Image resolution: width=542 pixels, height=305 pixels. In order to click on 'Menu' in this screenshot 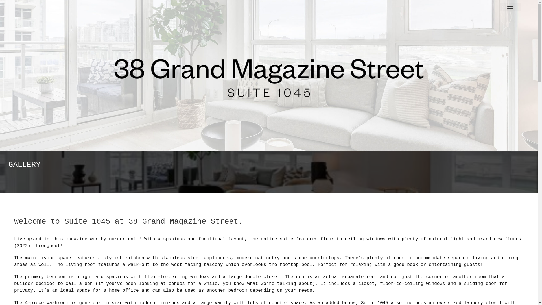, I will do `click(510, 7)`.